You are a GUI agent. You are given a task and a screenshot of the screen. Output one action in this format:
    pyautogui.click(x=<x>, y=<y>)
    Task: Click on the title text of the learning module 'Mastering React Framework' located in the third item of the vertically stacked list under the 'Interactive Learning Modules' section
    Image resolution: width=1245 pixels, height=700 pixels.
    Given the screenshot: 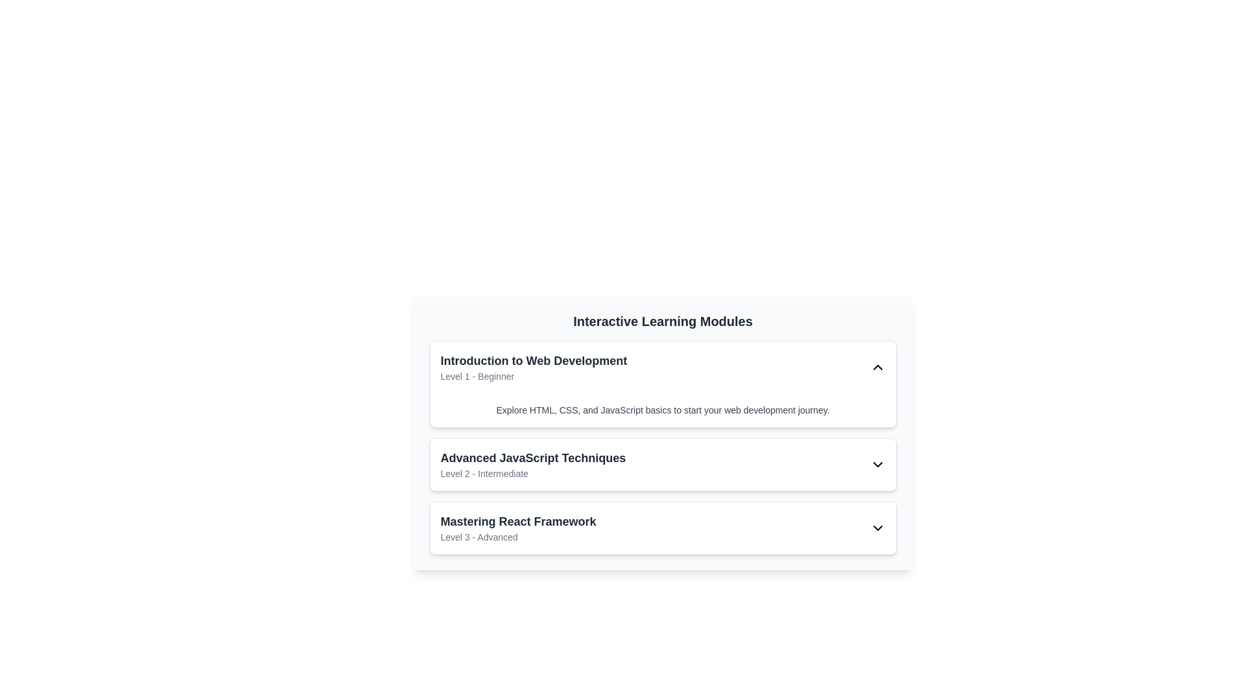 What is the action you would take?
    pyautogui.click(x=517, y=521)
    